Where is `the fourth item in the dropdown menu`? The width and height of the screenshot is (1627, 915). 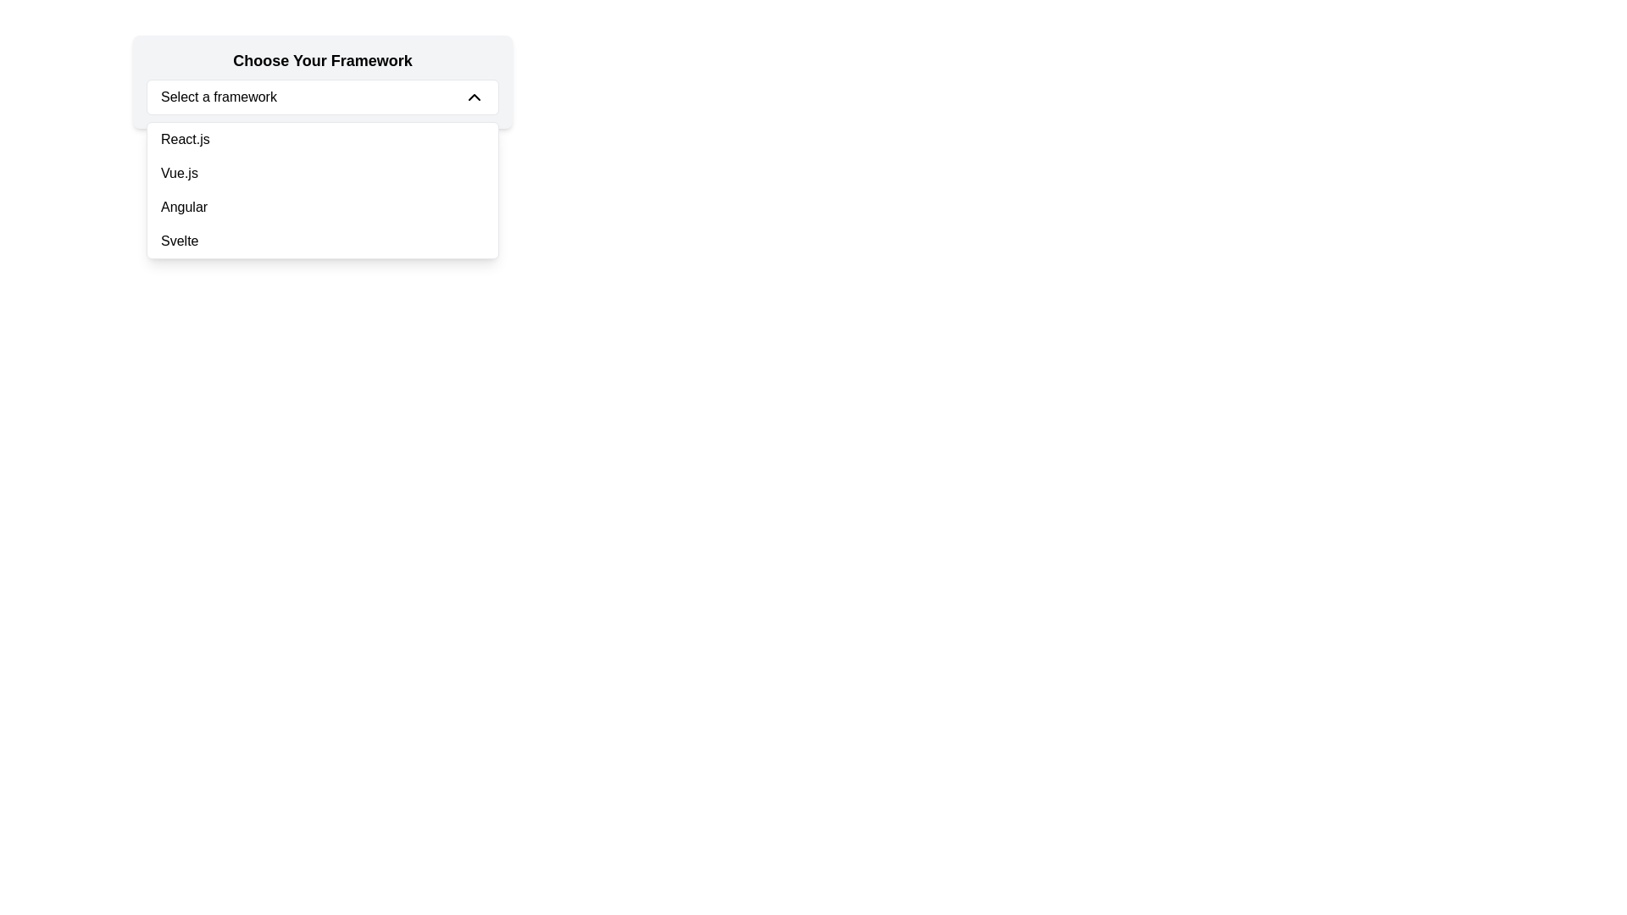
the fourth item in the dropdown menu is located at coordinates (322, 241).